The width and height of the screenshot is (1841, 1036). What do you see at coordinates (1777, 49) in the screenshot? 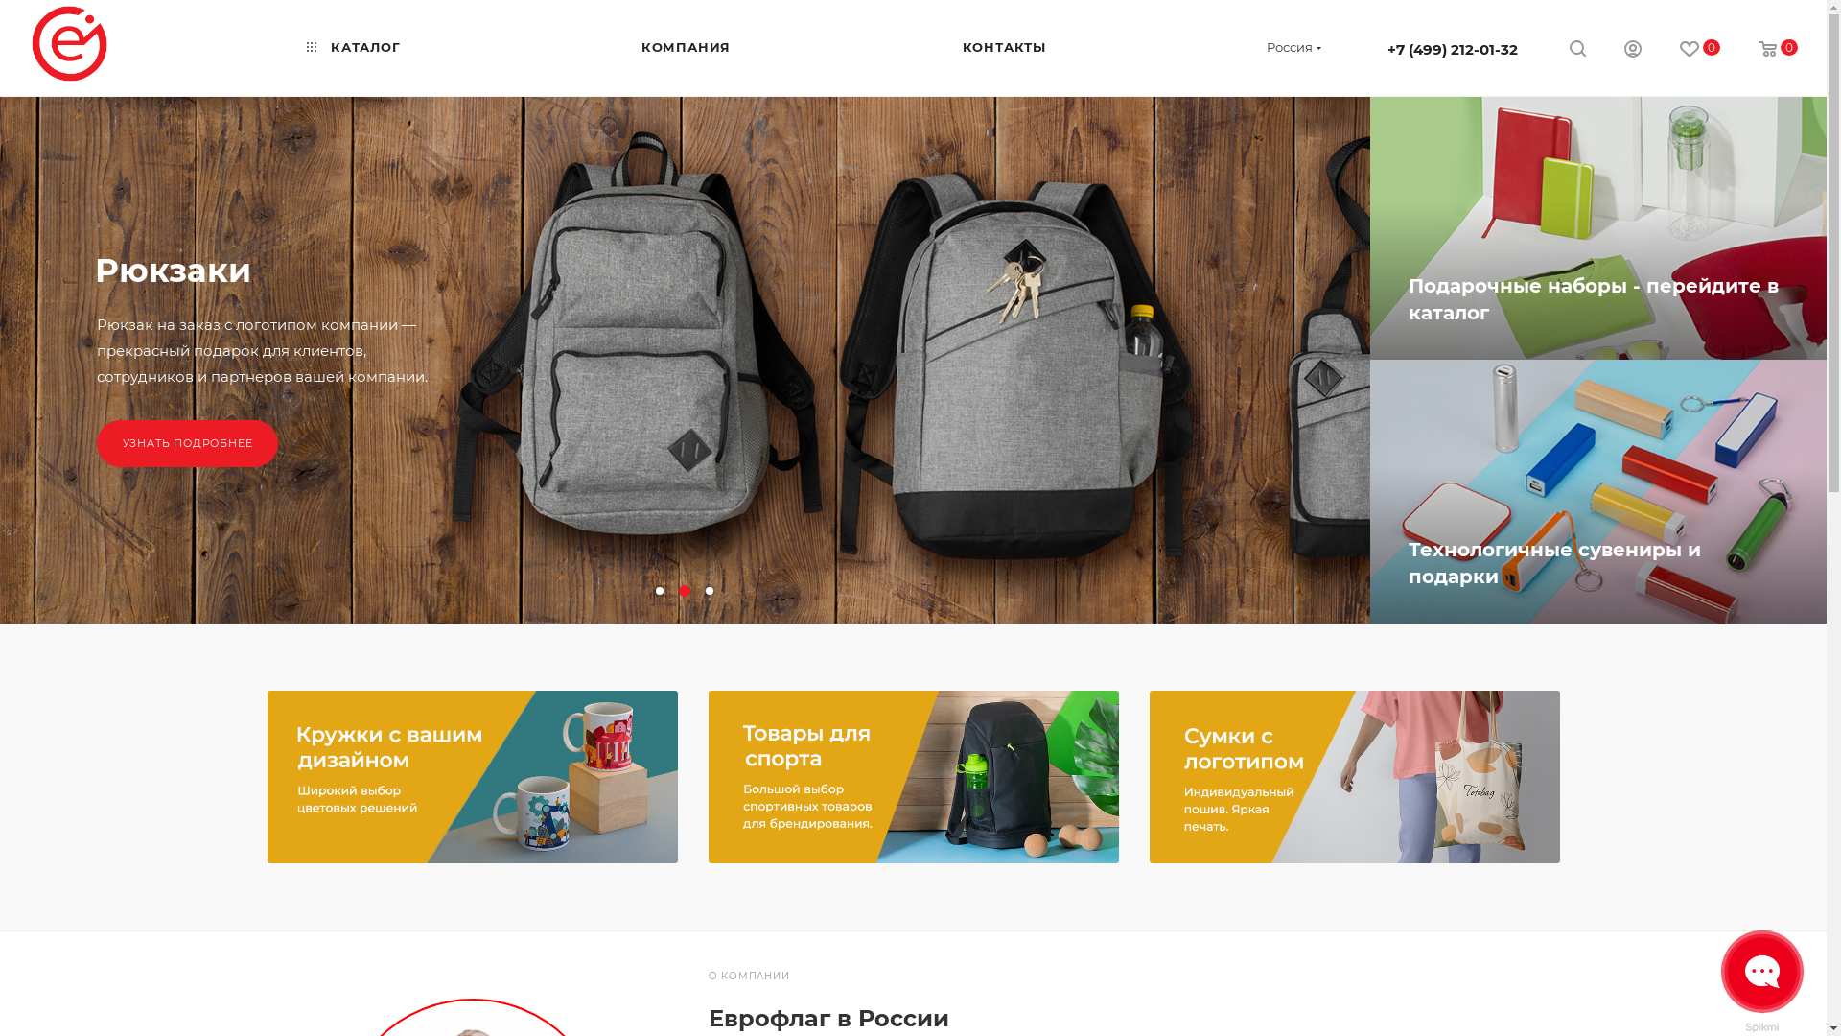
I see `'0'` at bounding box center [1777, 49].